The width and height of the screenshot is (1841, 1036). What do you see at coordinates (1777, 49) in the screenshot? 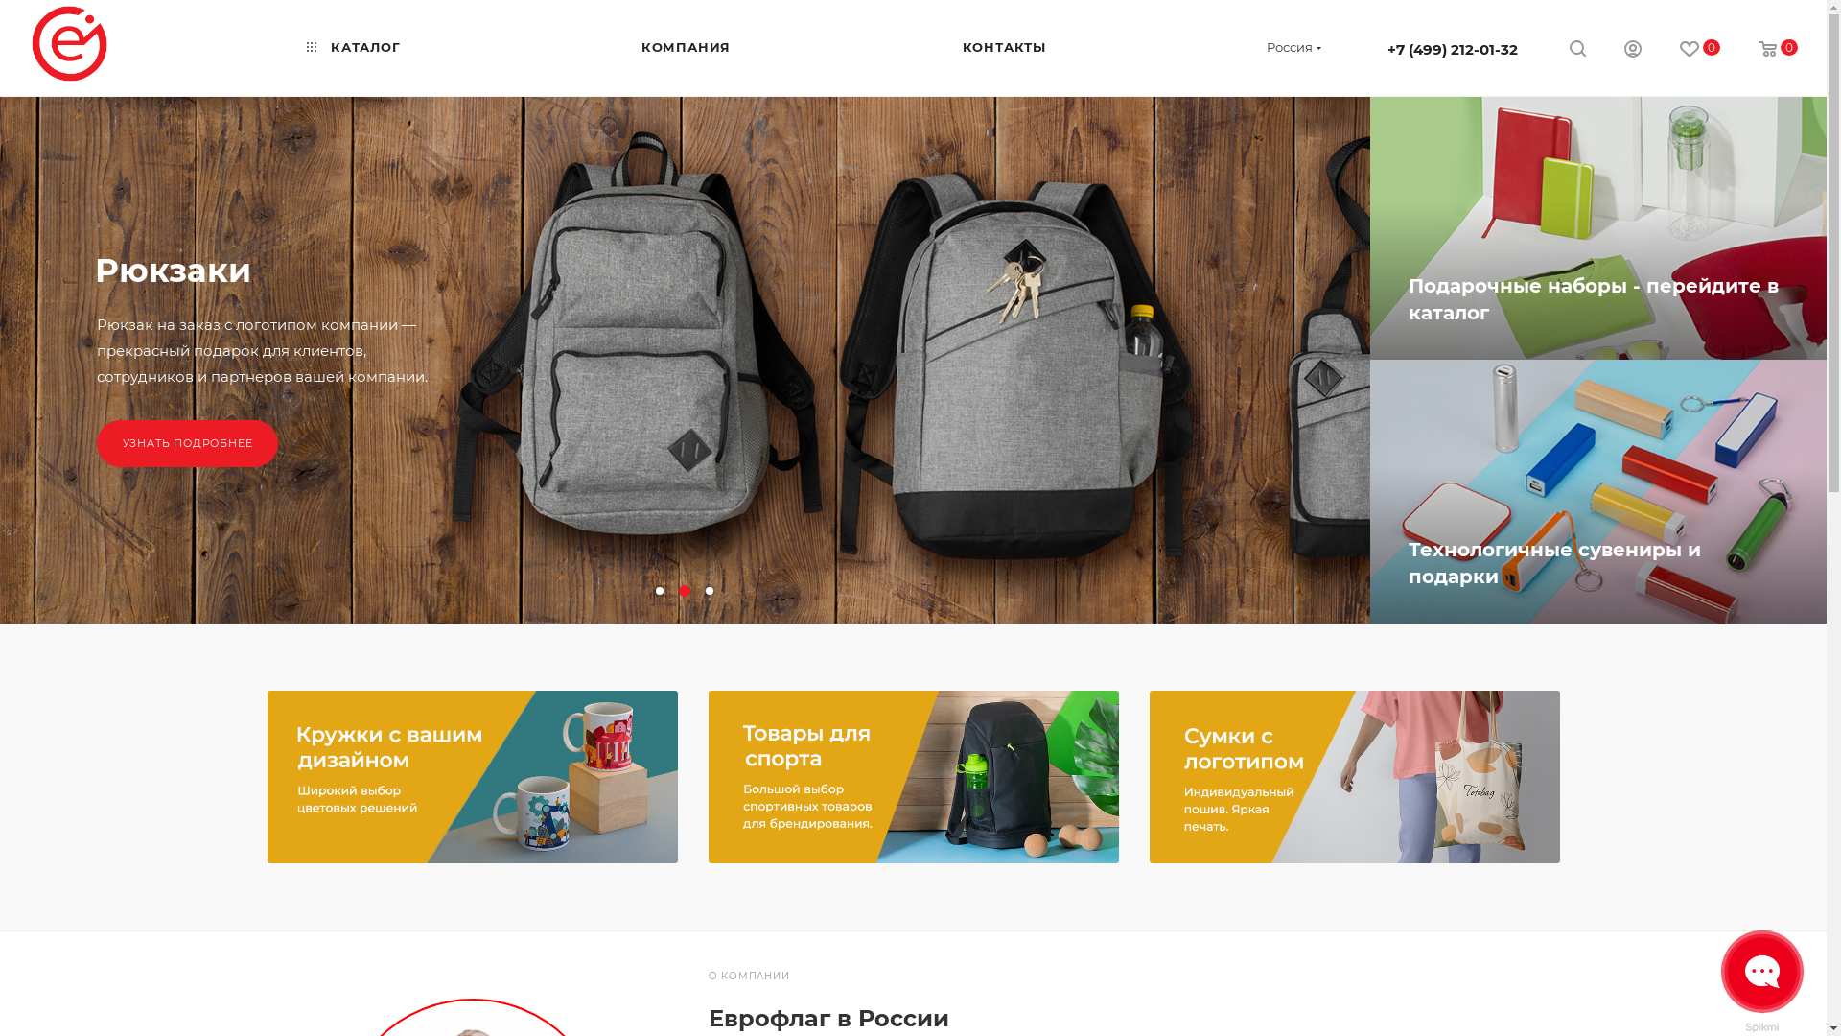
I see `'0'` at bounding box center [1777, 49].